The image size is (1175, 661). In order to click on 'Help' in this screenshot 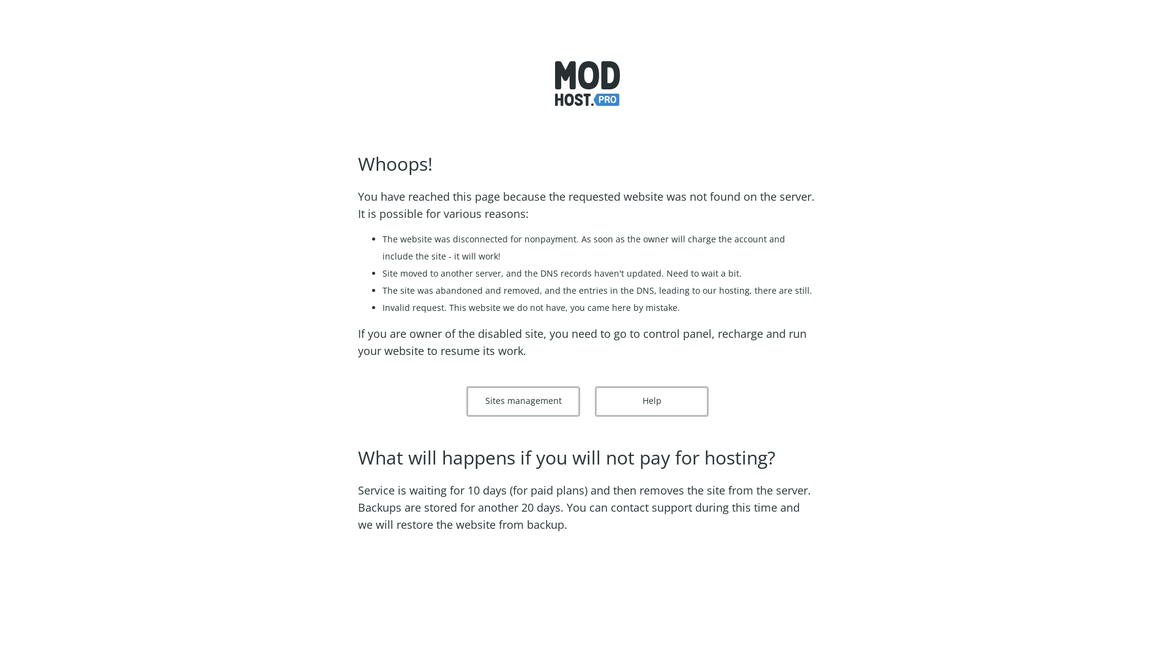, I will do `click(651, 401)`.